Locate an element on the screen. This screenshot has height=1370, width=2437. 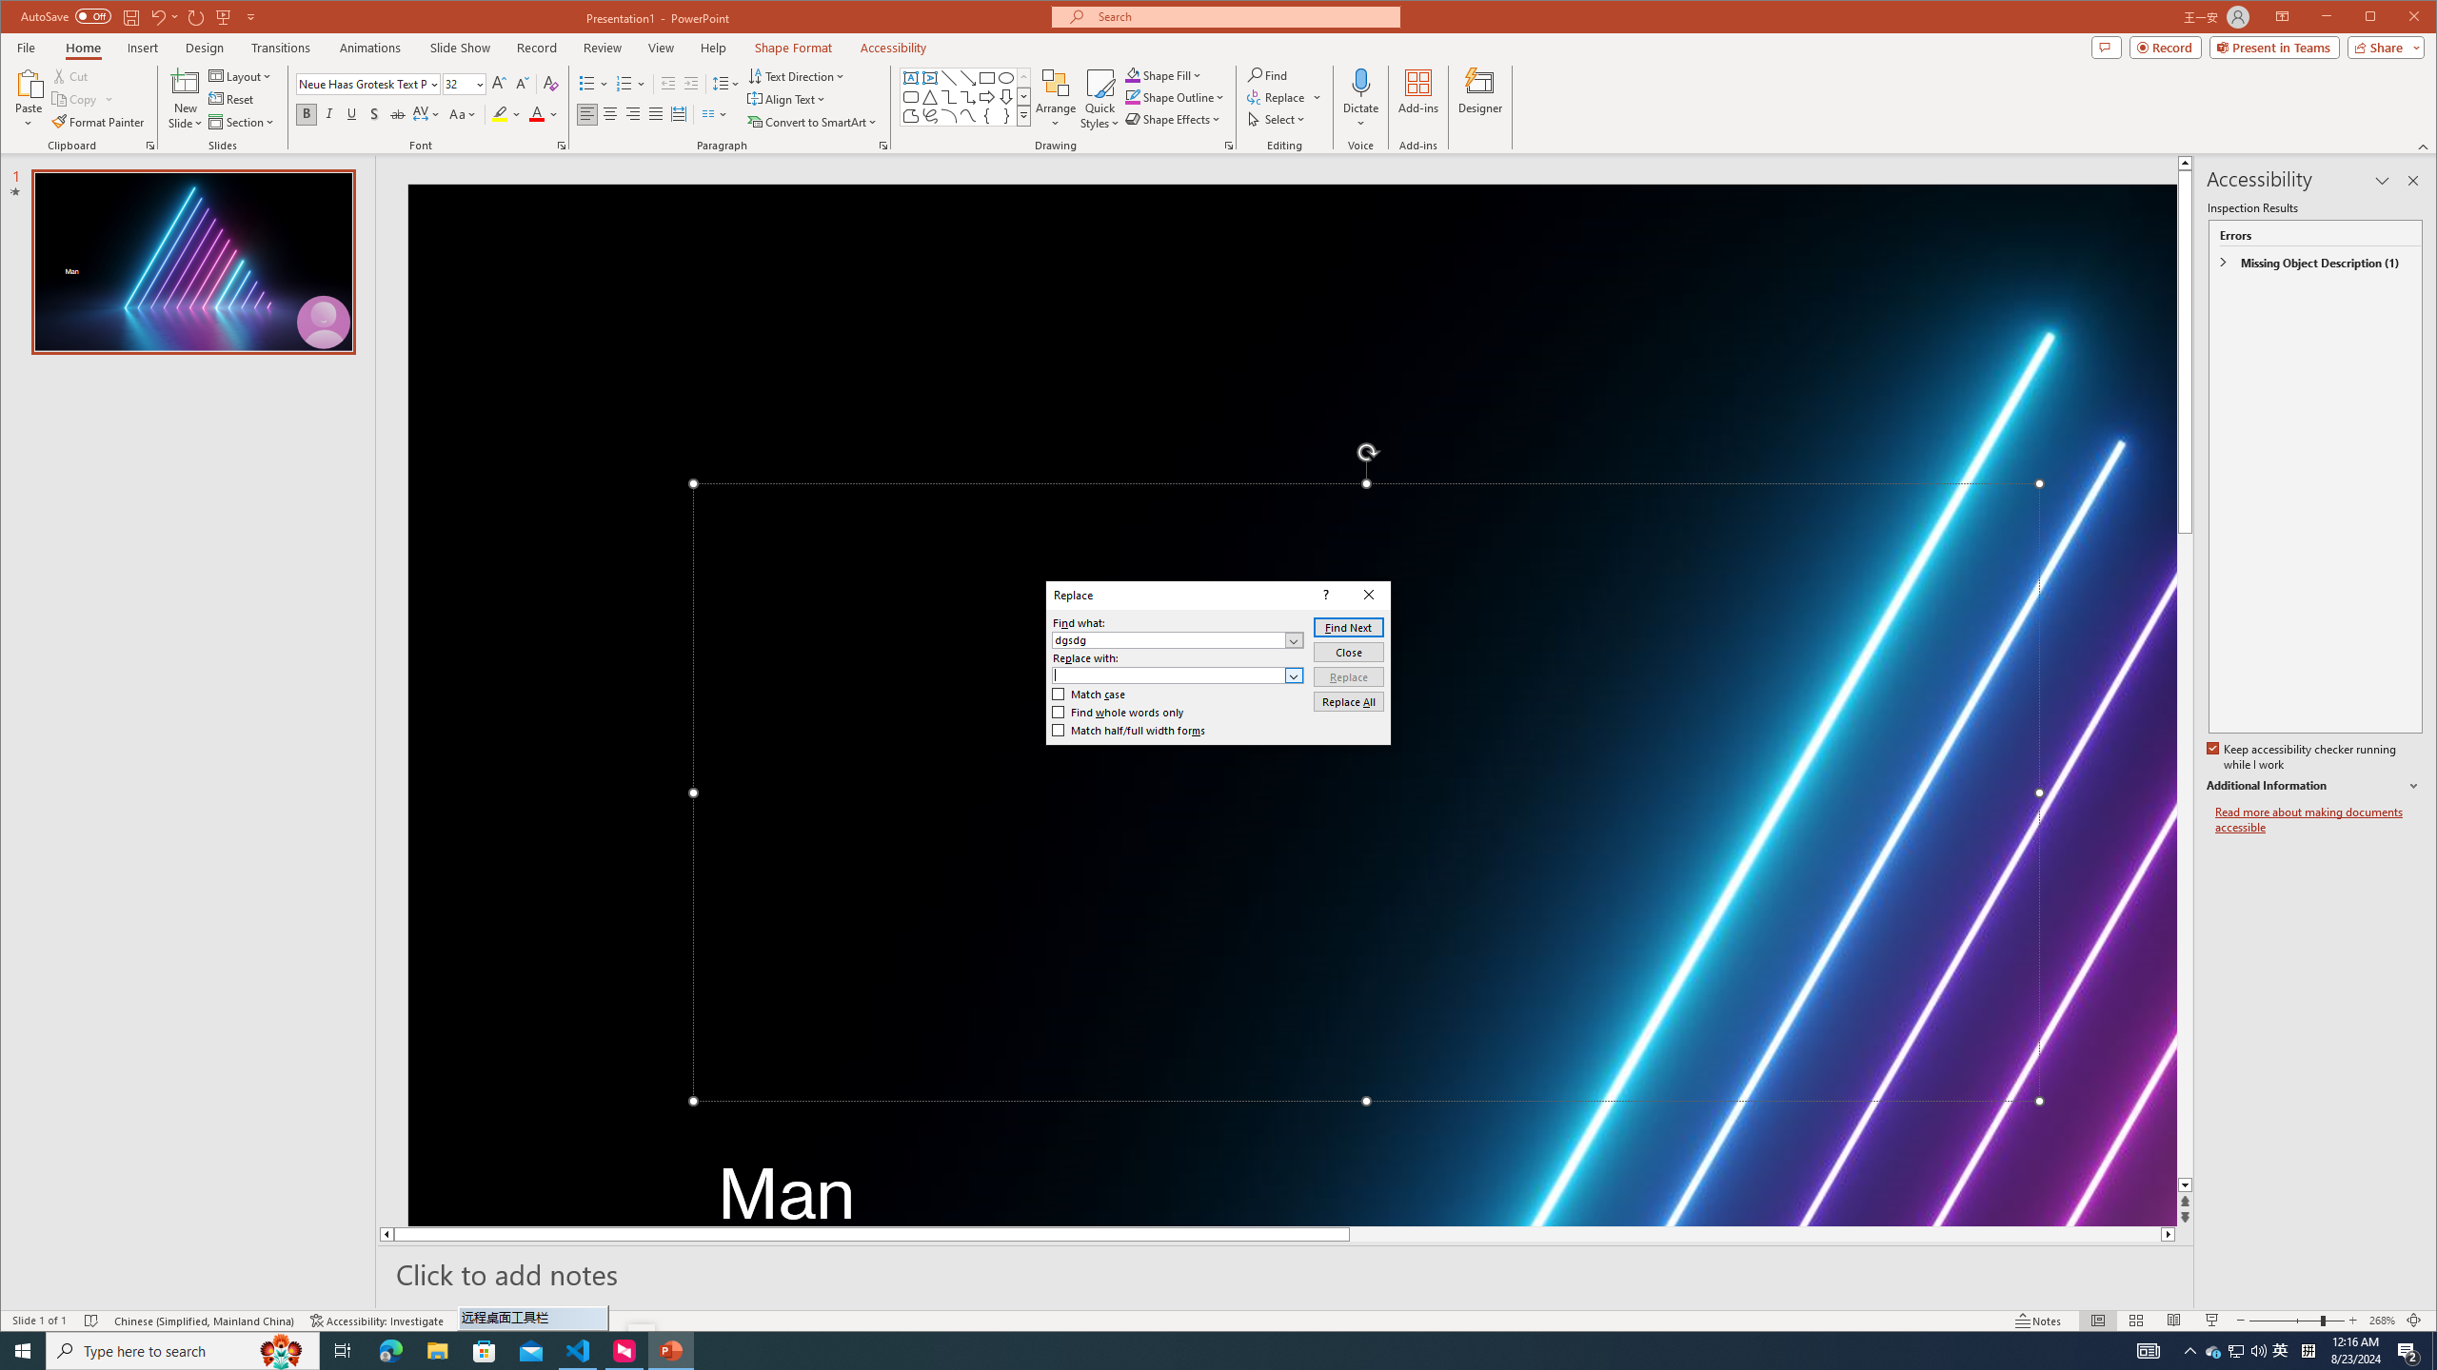
'Find Next' is located at coordinates (1347, 626).